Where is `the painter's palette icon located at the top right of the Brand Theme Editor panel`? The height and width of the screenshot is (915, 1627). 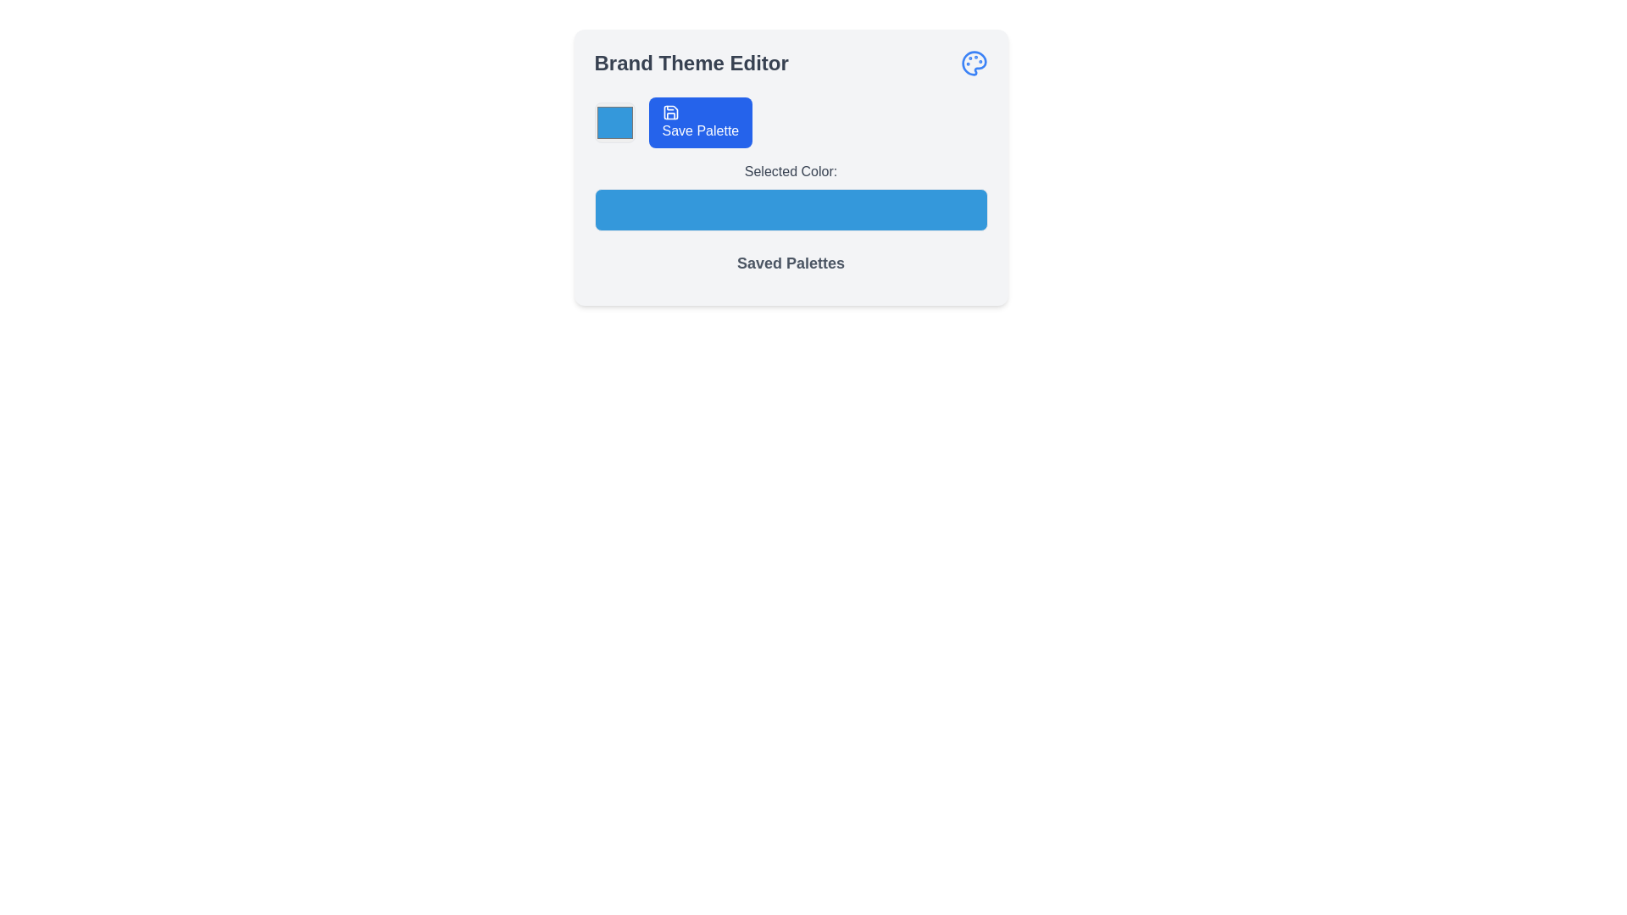 the painter's palette icon located at the top right of the Brand Theme Editor panel is located at coordinates (974, 62).